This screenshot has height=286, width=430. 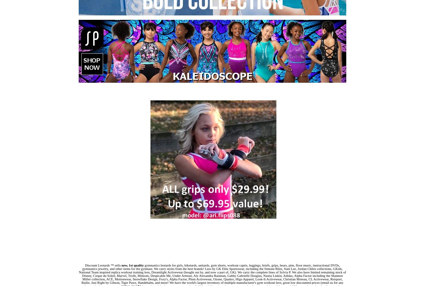 I want to click on 'sells', so click(x=117, y=265).